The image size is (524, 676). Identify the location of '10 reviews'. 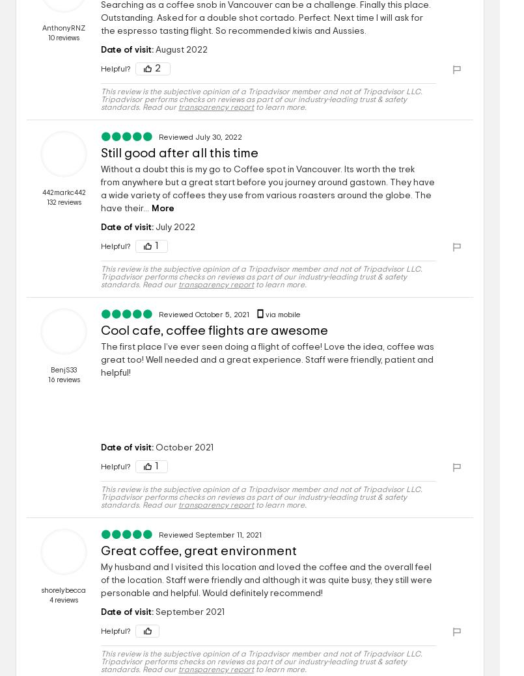
(62, 37).